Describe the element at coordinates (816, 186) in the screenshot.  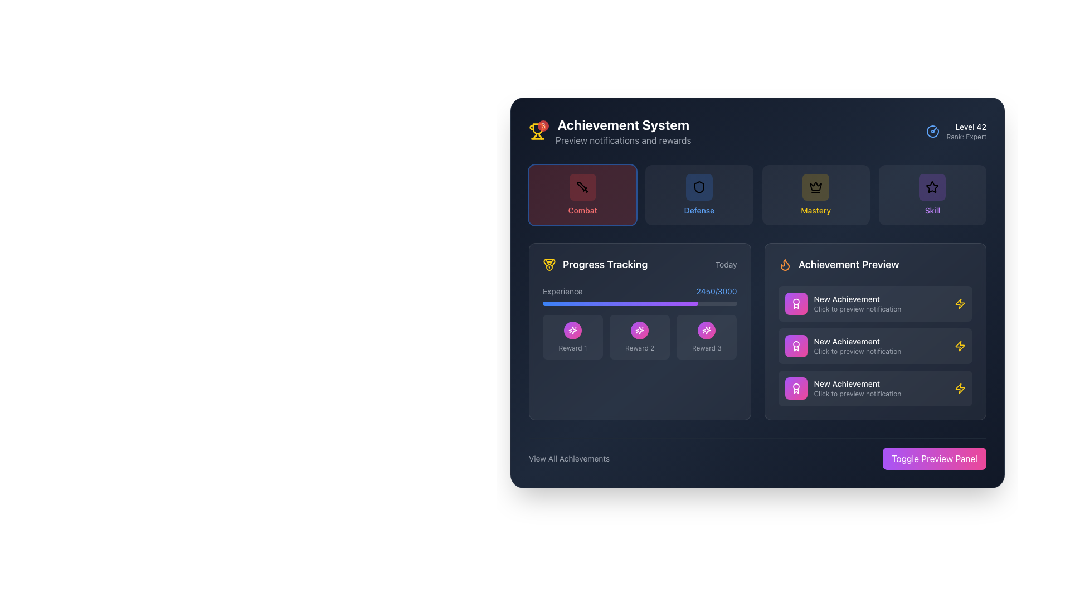
I see `the 'Mastery' icon` at that location.